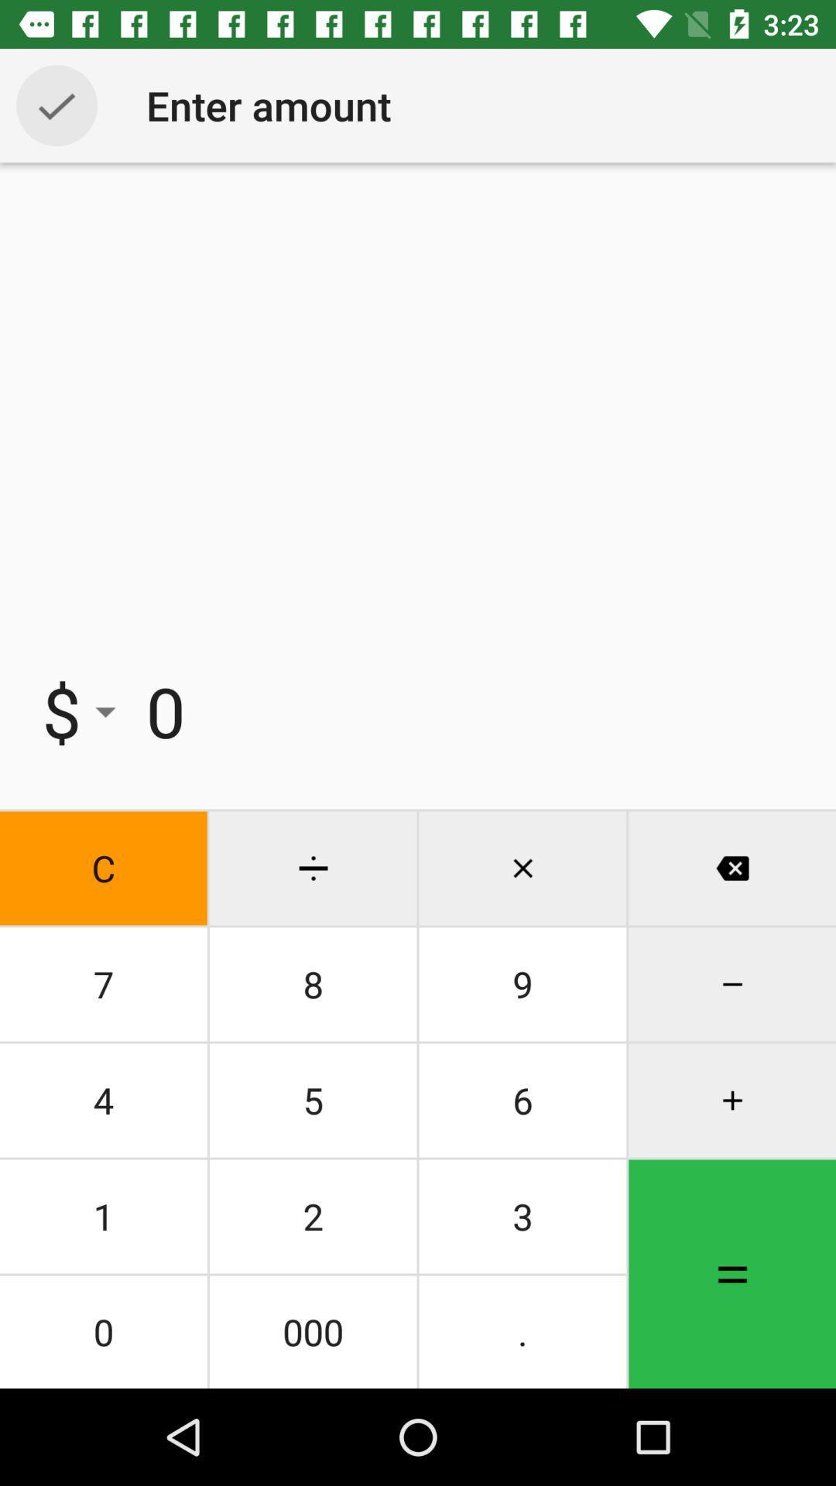  I want to click on the item next to the 0 item, so click(81, 710).